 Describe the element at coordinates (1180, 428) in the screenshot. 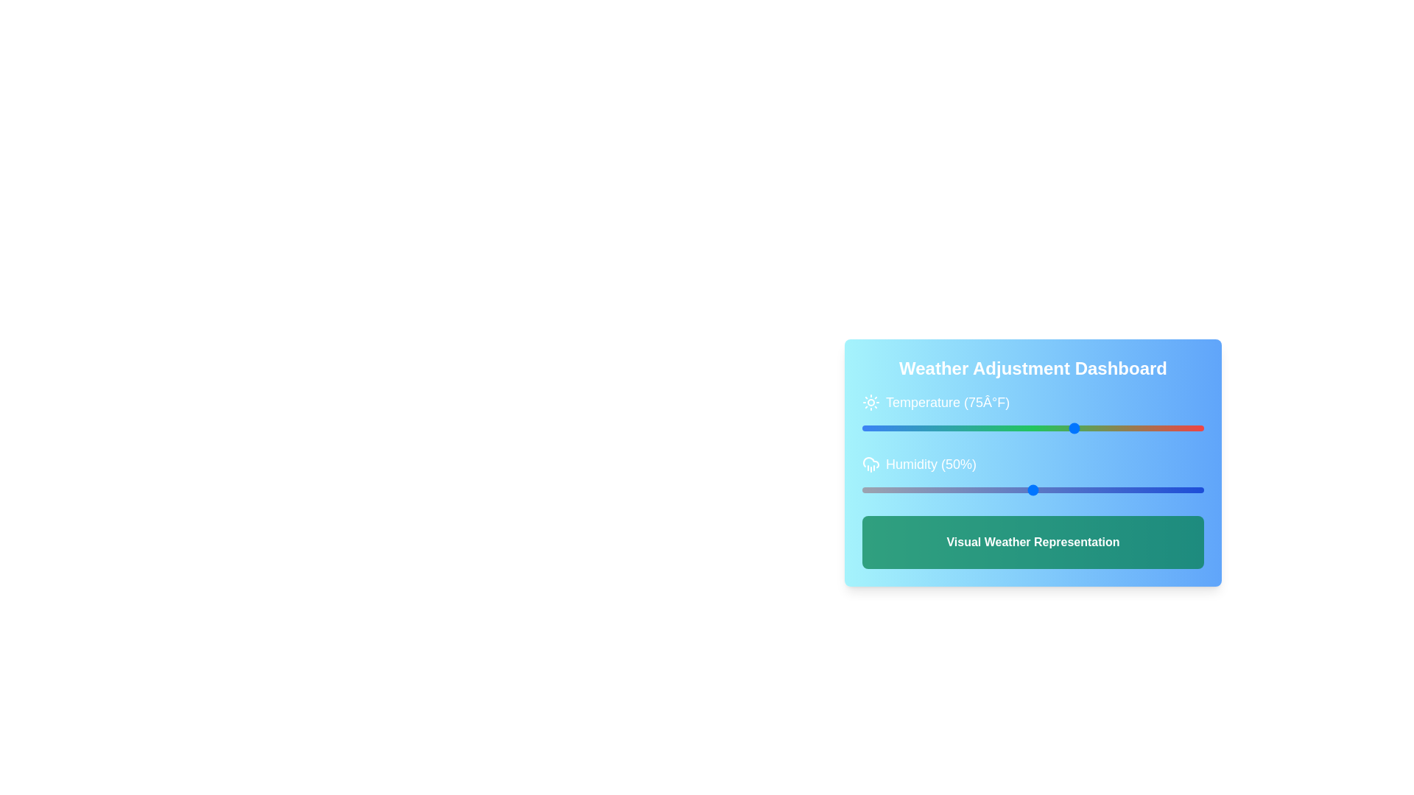

I see `the temperature slider to 136 degrees Fahrenheit` at that location.